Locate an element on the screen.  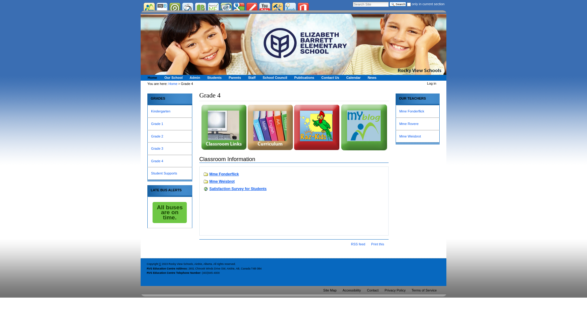
'Site Map' is located at coordinates (330, 290).